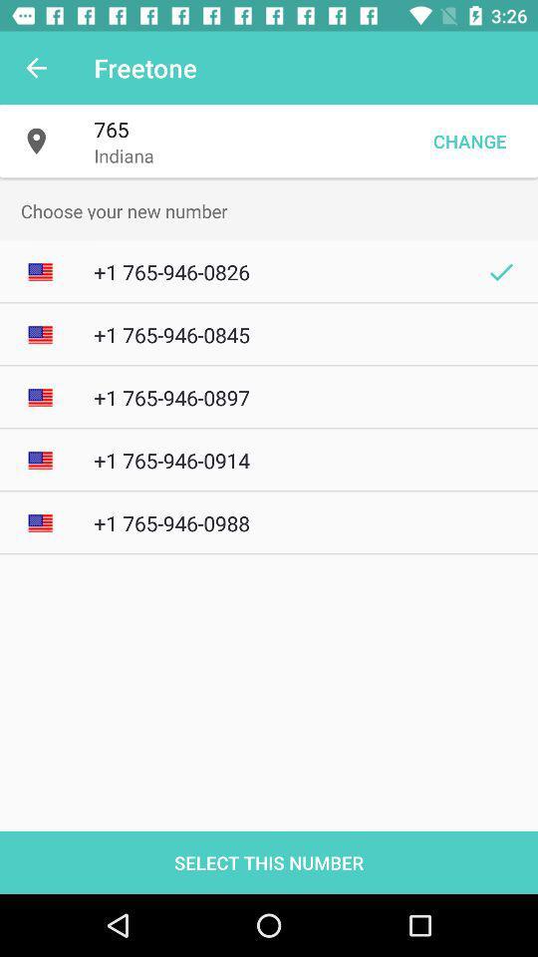  Describe the element at coordinates (269, 861) in the screenshot. I see `the select this number item` at that location.